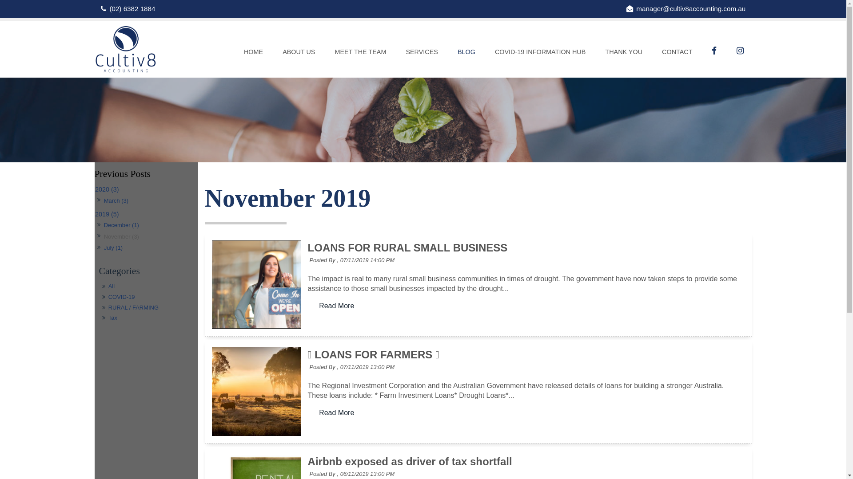  I want to click on 'November (3)', so click(121, 236).